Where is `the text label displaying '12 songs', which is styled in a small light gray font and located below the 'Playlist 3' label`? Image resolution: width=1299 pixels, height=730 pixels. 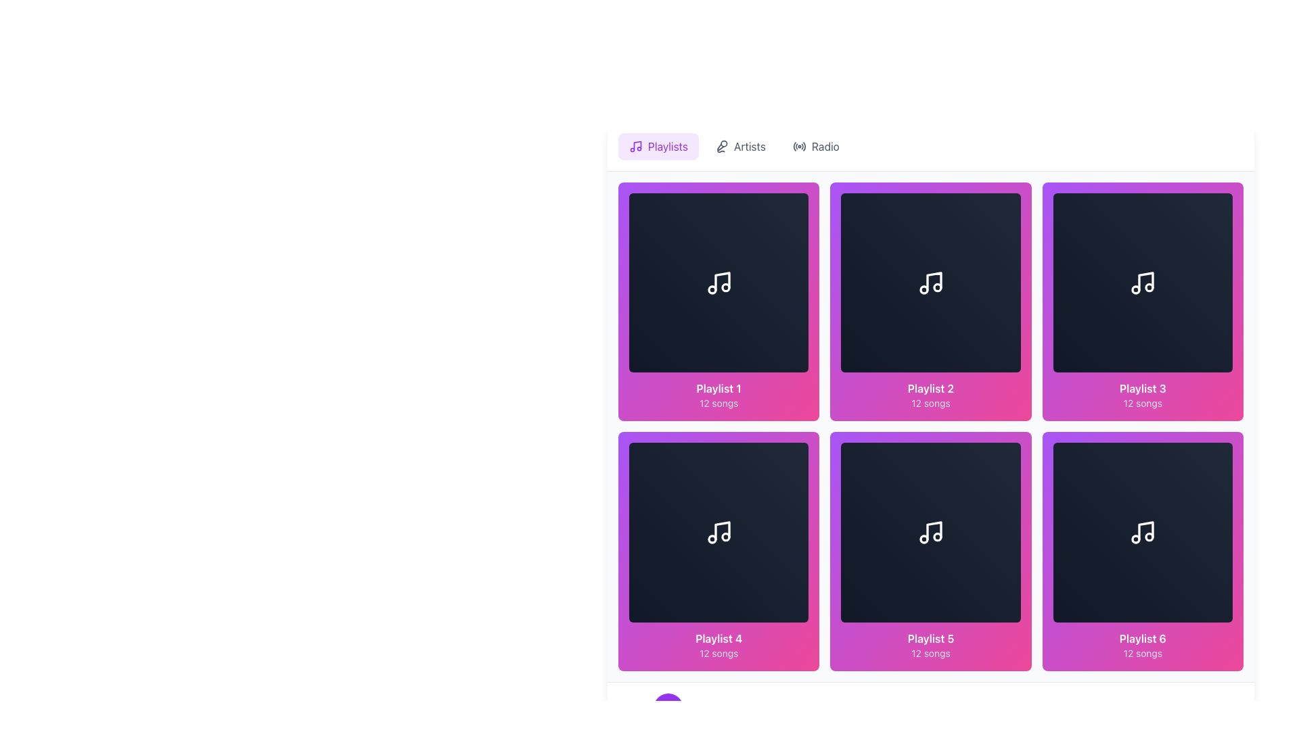 the text label displaying '12 songs', which is styled in a small light gray font and located below the 'Playlist 3' label is located at coordinates (1142, 403).